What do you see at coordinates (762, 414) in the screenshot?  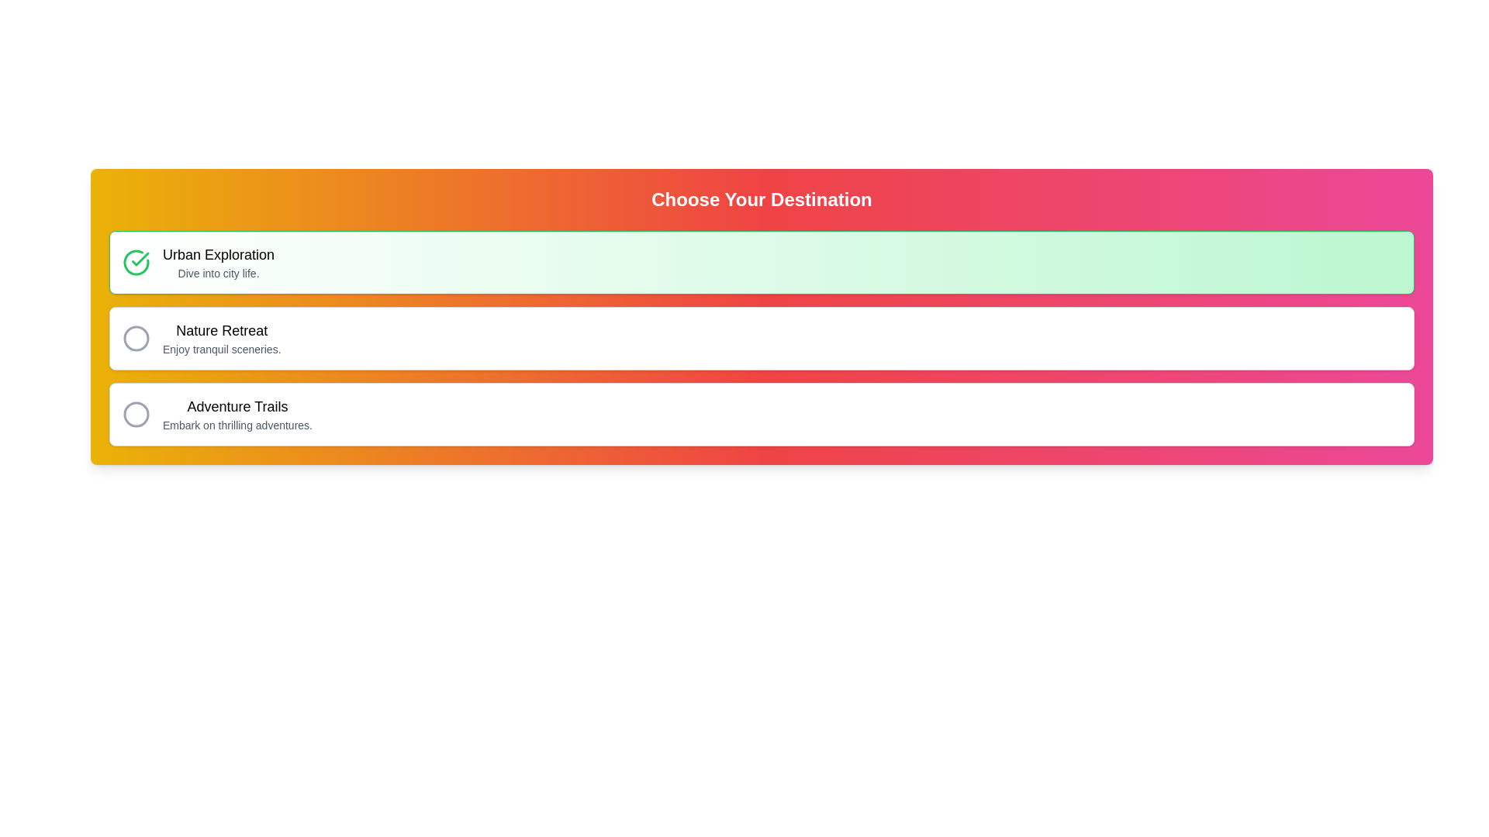 I see `the 'Adventure Trails' selectable card at the bottom of the list` at bounding box center [762, 414].